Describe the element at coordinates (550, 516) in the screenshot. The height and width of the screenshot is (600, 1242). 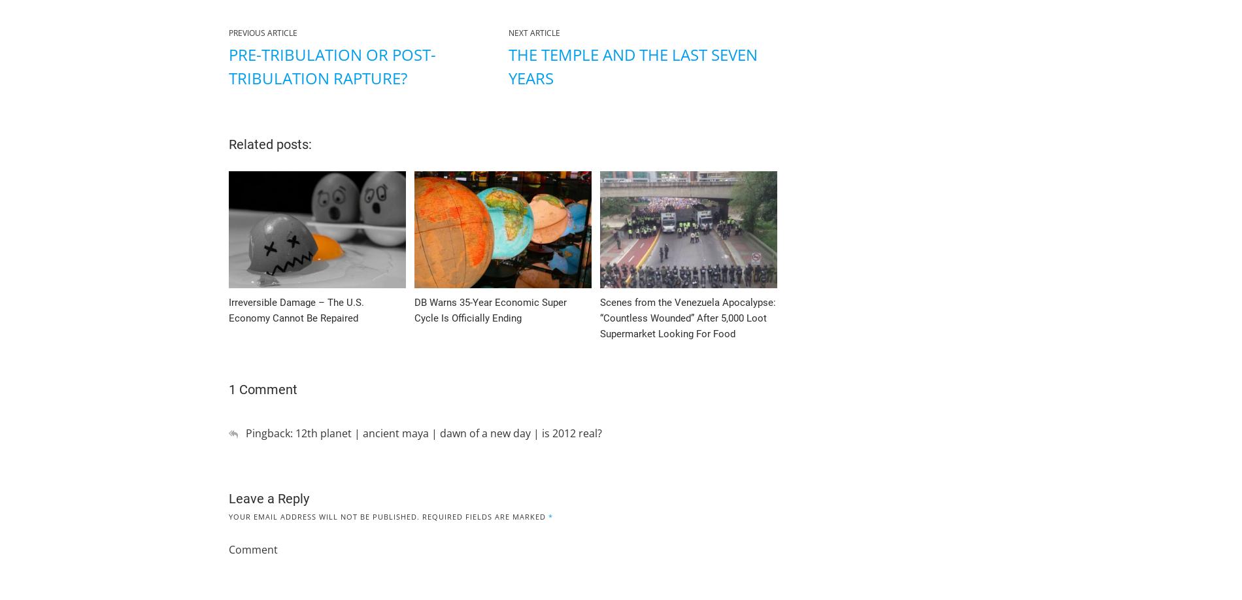
I see `'*'` at that location.